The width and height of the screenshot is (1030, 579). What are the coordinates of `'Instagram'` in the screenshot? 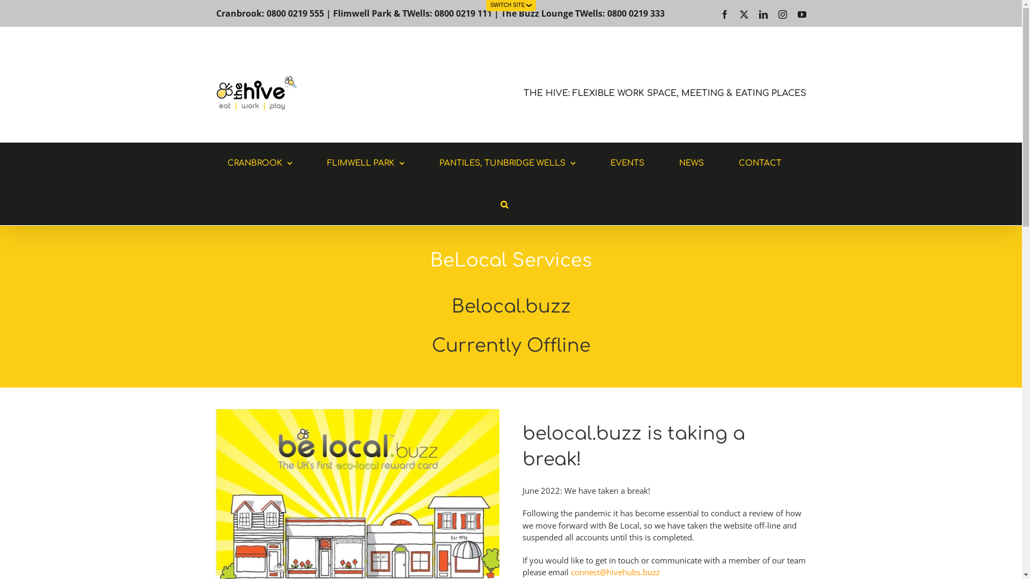 It's located at (782, 14).